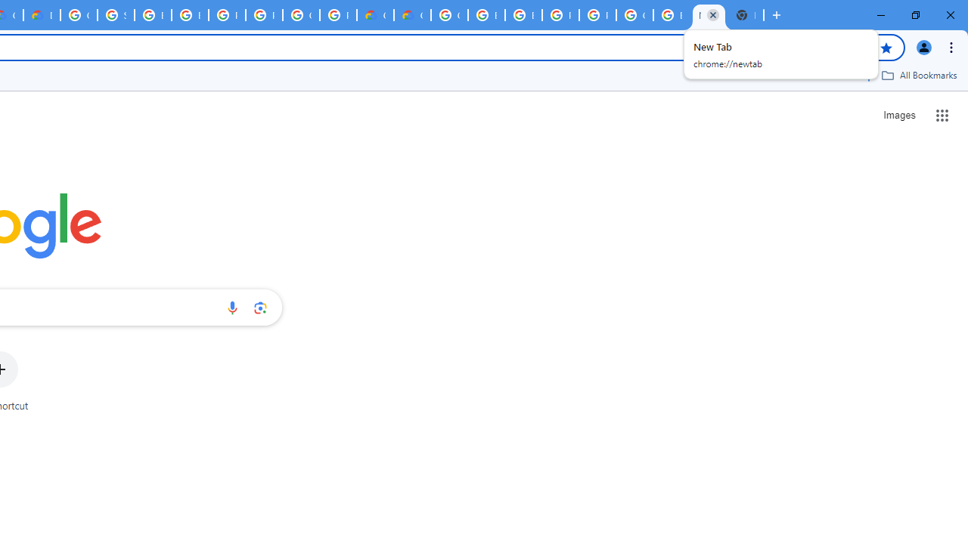 This screenshot has width=968, height=544. I want to click on 'Google Cloud Estimate Summary', so click(412, 15).